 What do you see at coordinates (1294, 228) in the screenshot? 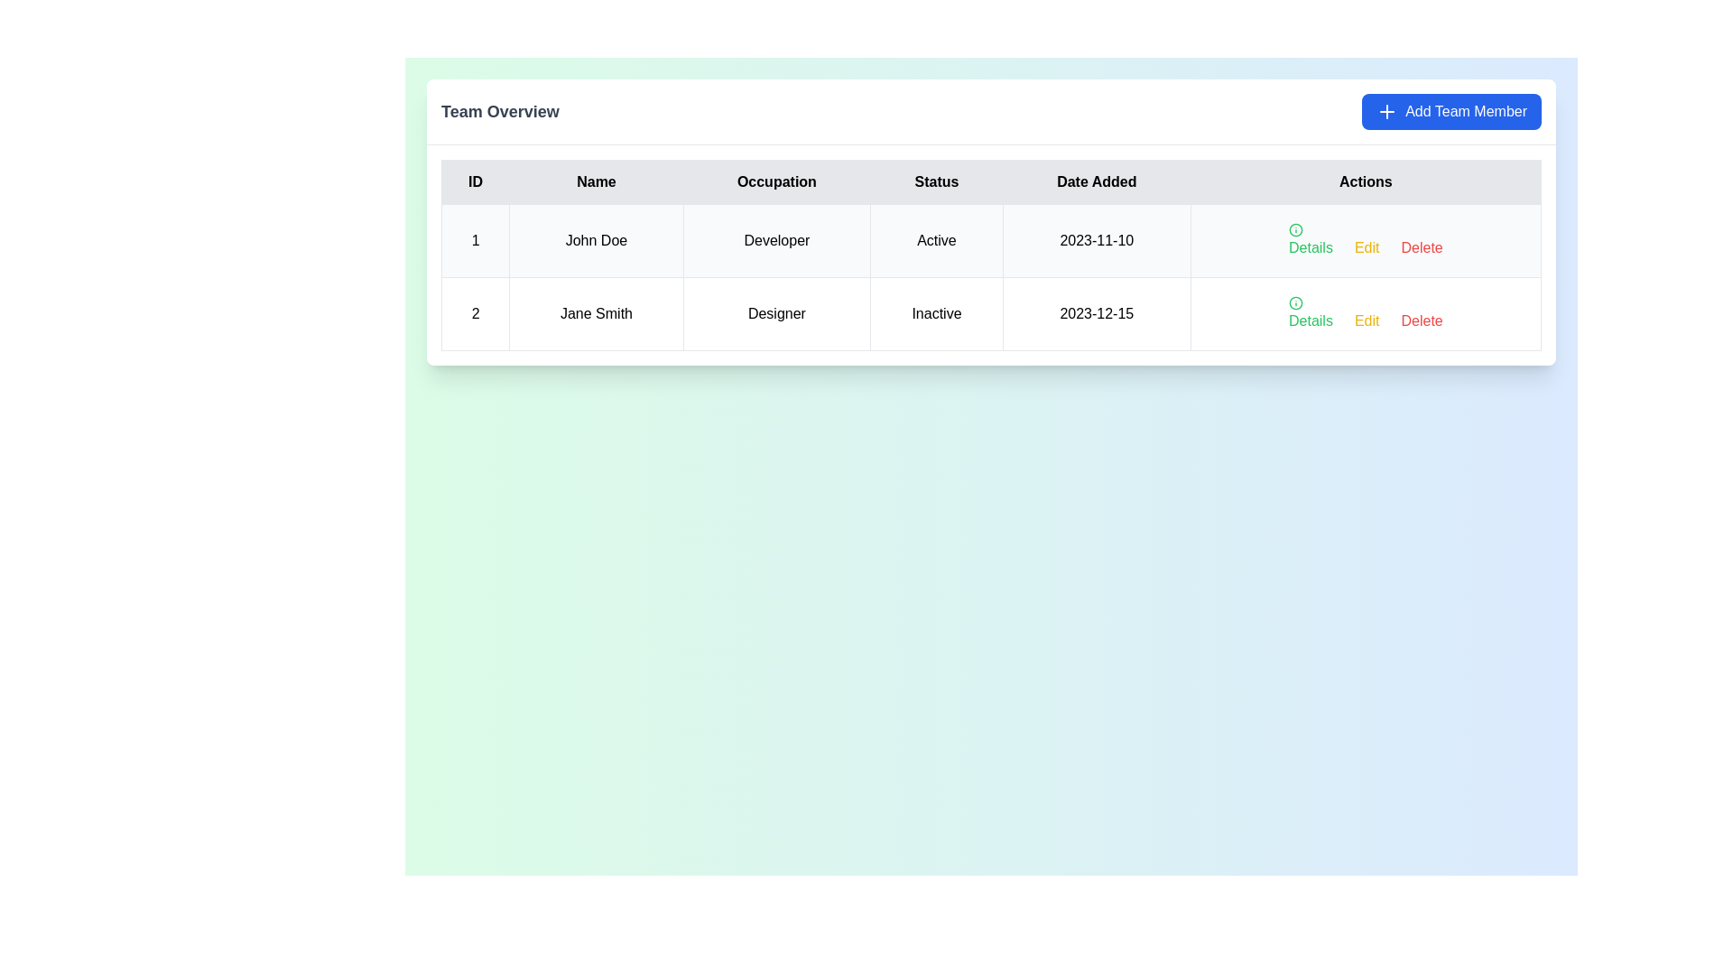
I see `the decorative circle element that serves as the border of the information icon in the 'Team Overview' table, located in the second row, left of the 'Details' link for 'Jane Smith'` at bounding box center [1294, 228].